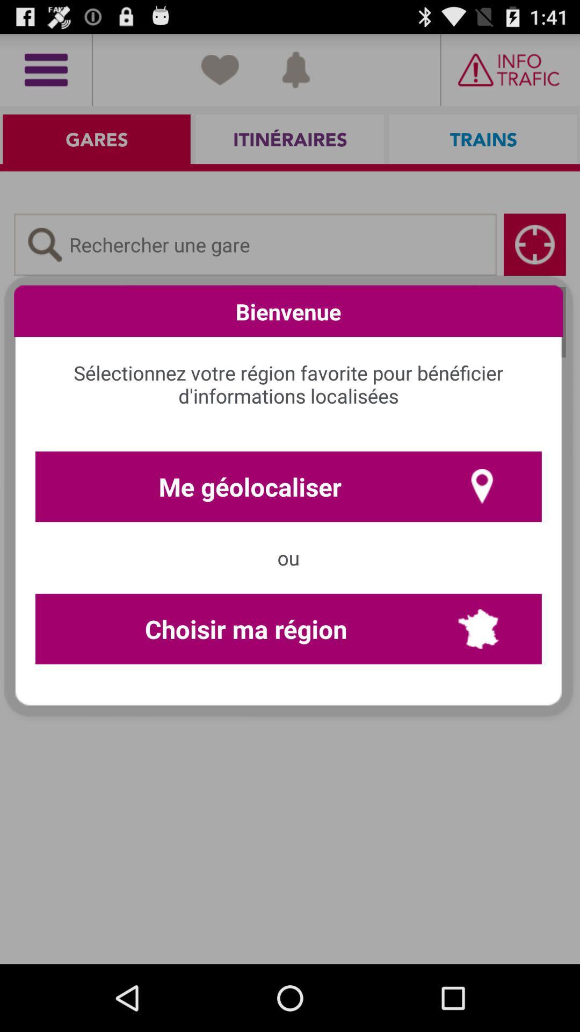 The height and width of the screenshot is (1032, 580). I want to click on the menu icon, so click(46, 74).